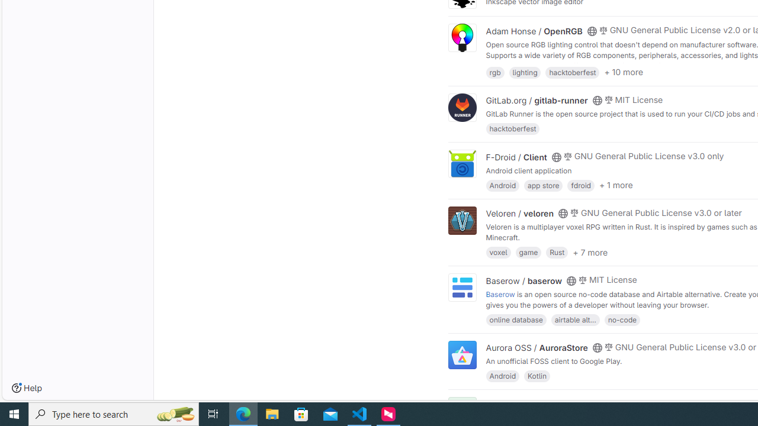 The image size is (758, 426). What do you see at coordinates (534, 30) in the screenshot?
I see `'Adam Honse / OpenRGB'` at bounding box center [534, 30].